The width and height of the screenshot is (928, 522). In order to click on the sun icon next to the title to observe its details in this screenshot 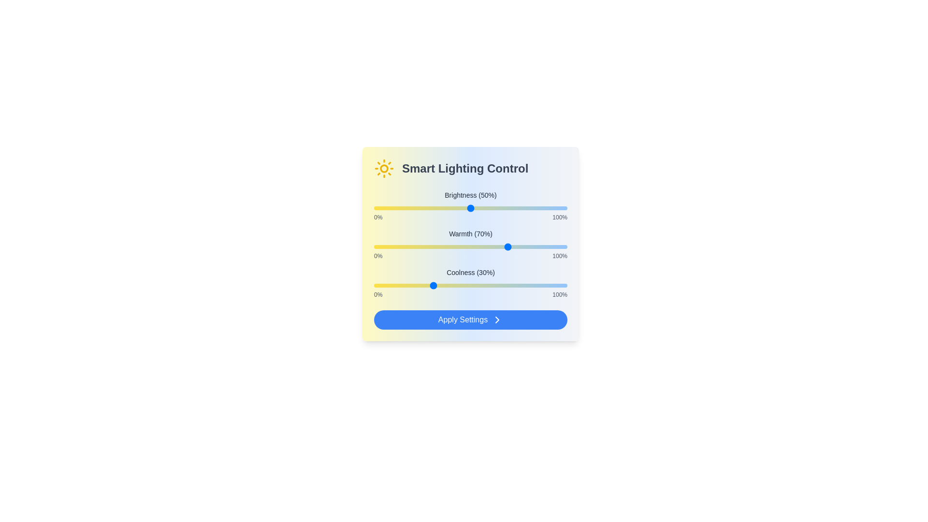, I will do `click(384, 168)`.